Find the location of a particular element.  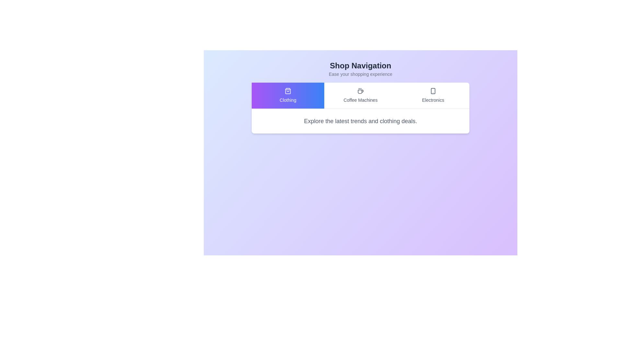

the tab corresponding to Clothing is located at coordinates (287, 95).